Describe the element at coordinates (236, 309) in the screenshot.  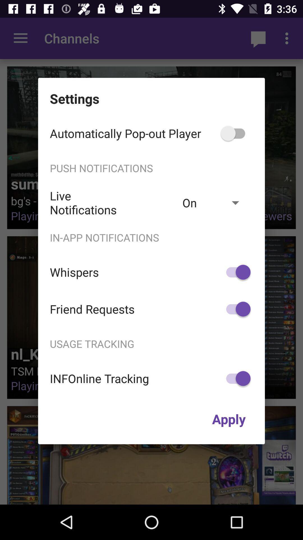
I see `the item above the usage tracking` at that location.